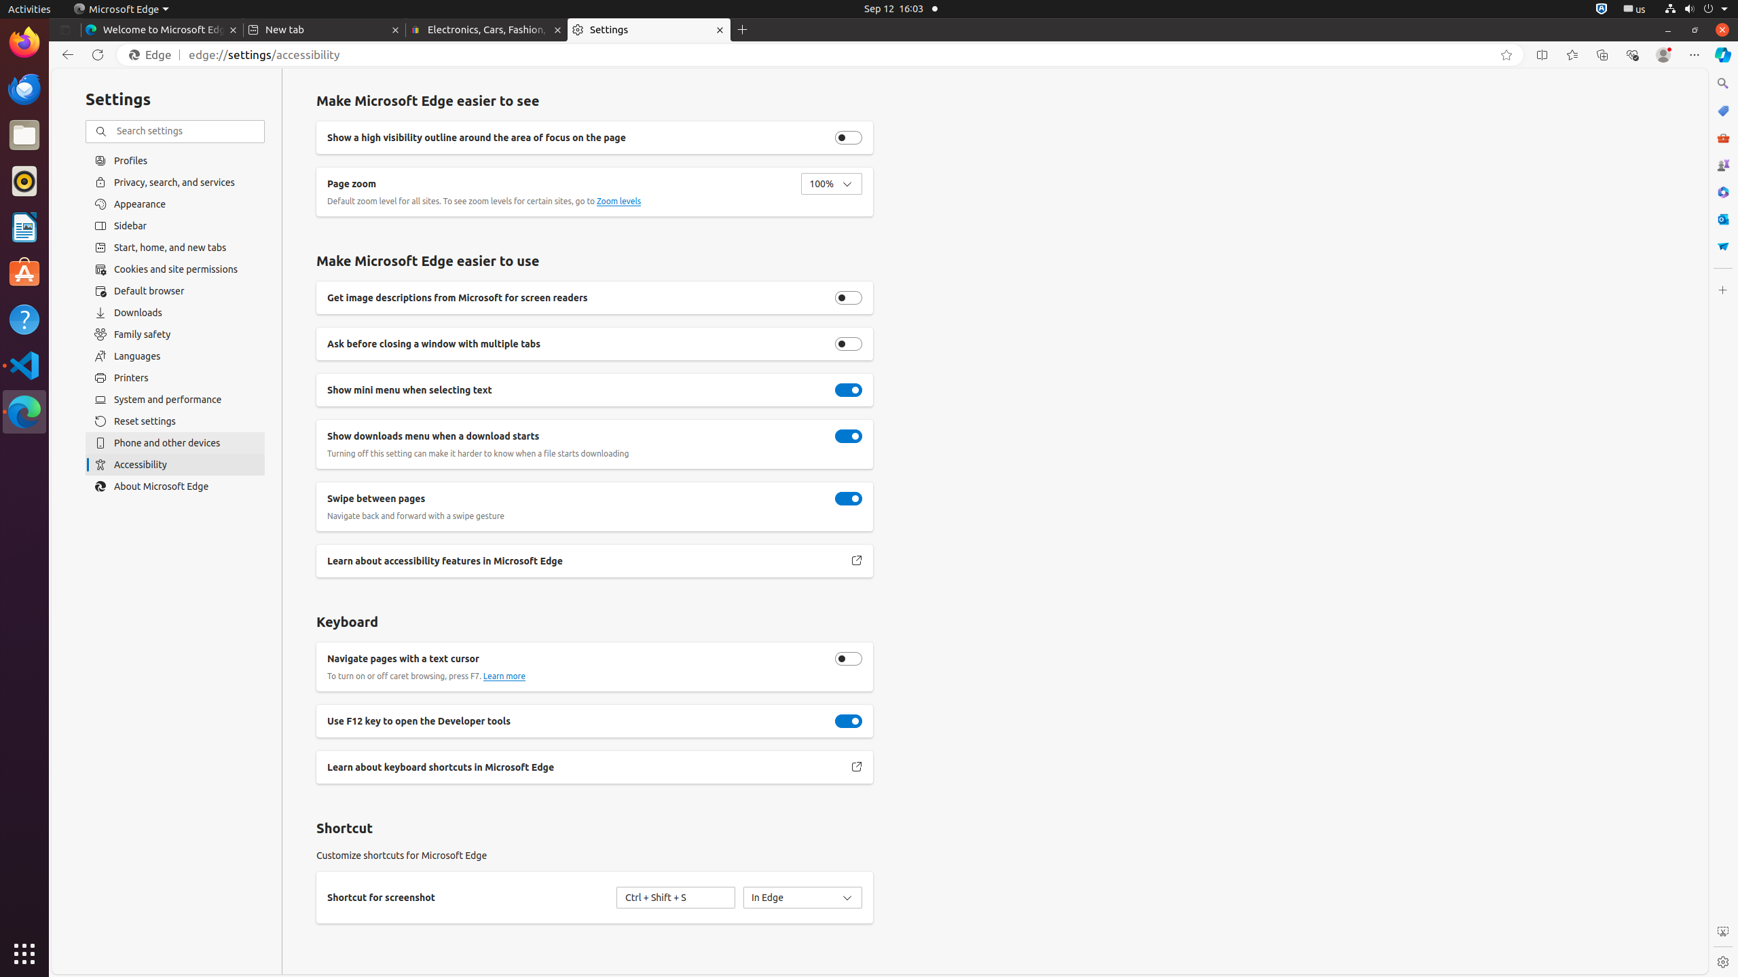  What do you see at coordinates (174, 398) in the screenshot?
I see `'System and performance'` at bounding box center [174, 398].